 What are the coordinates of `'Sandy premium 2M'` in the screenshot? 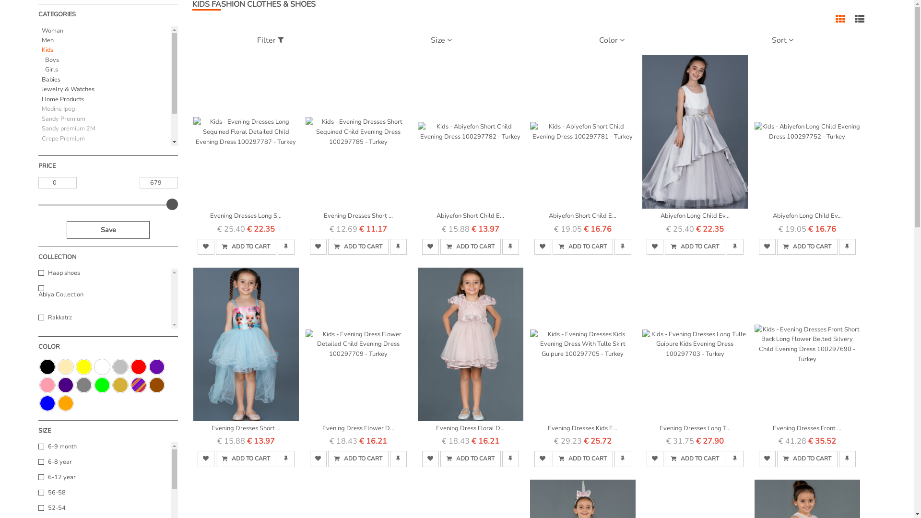 It's located at (40, 128).